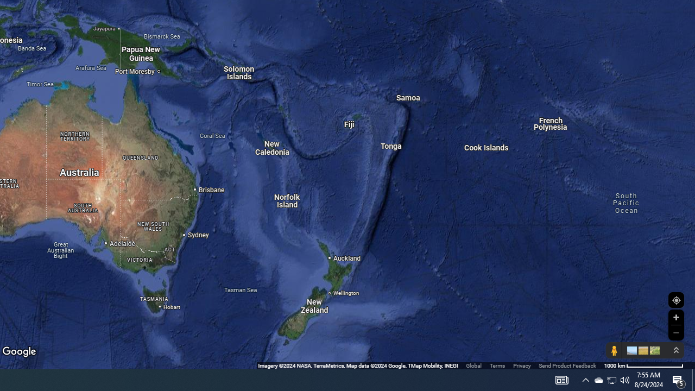 The width and height of the screenshot is (695, 391). Describe the element at coordinates (522, 365) in the screenshot. I see `'Privacy'` at that location.